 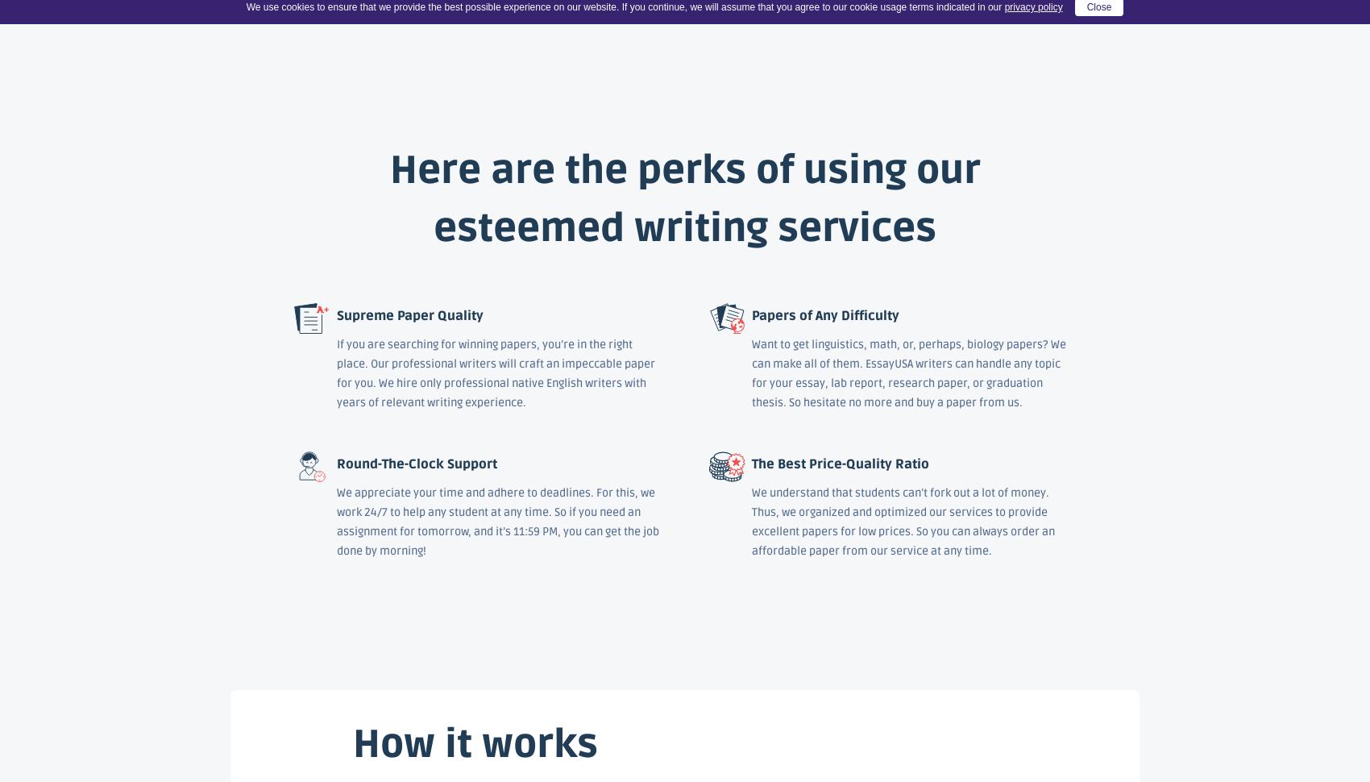 I want to click on 'The Best Price-Quality Ratio', so click(x=839, y=463).